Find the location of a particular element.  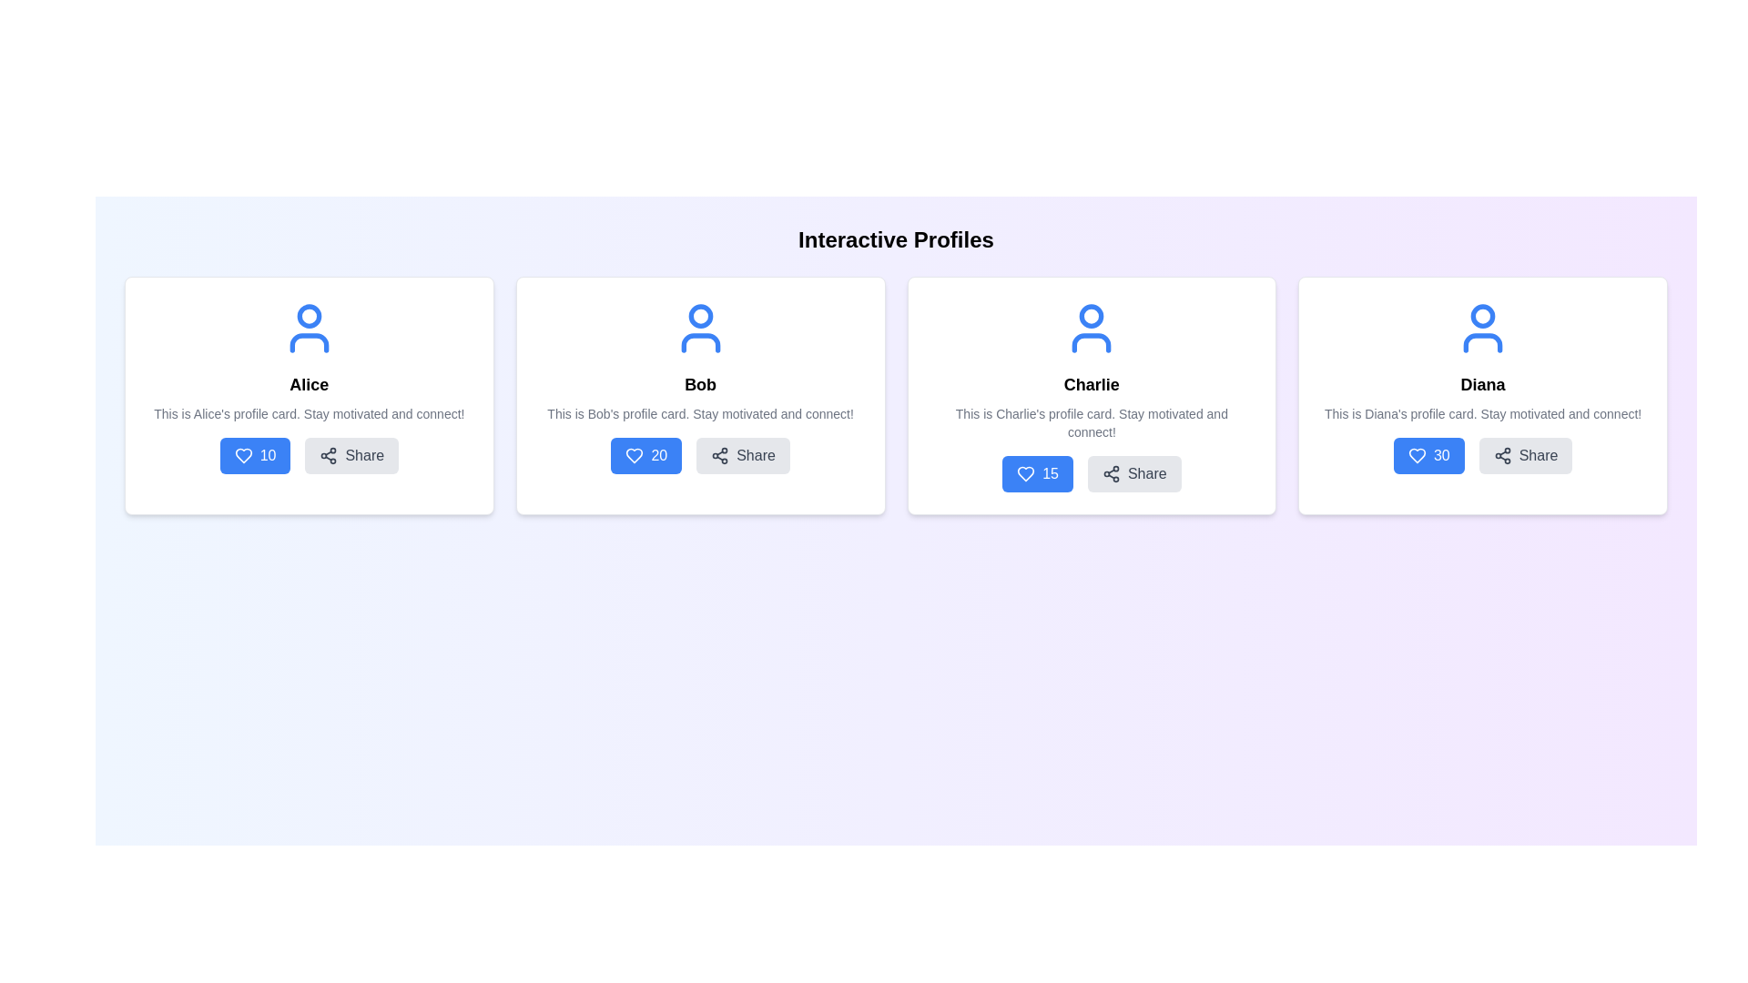

the share icon located to the left of the text 'Share' in the 'Share' button below the card titled 'Charlie' is located at coordinates (1110, 472).